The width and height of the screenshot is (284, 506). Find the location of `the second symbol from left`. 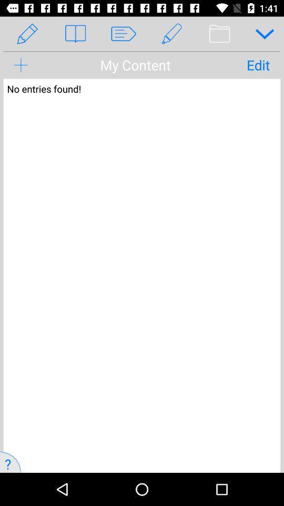

the second symbol from left is located at coordinates (75, 34).